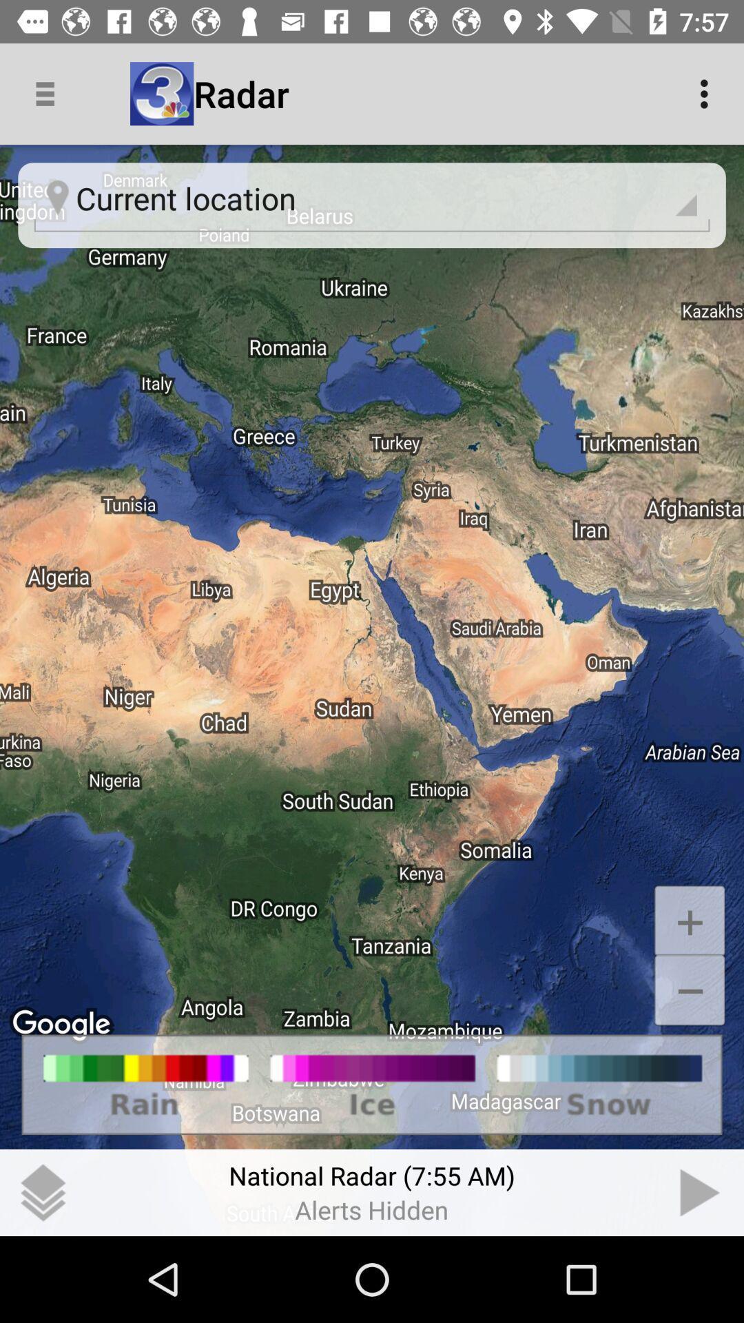 The width and height of the screenshot is (744, 1323). I want to click on the + icon, so click(690, 921).